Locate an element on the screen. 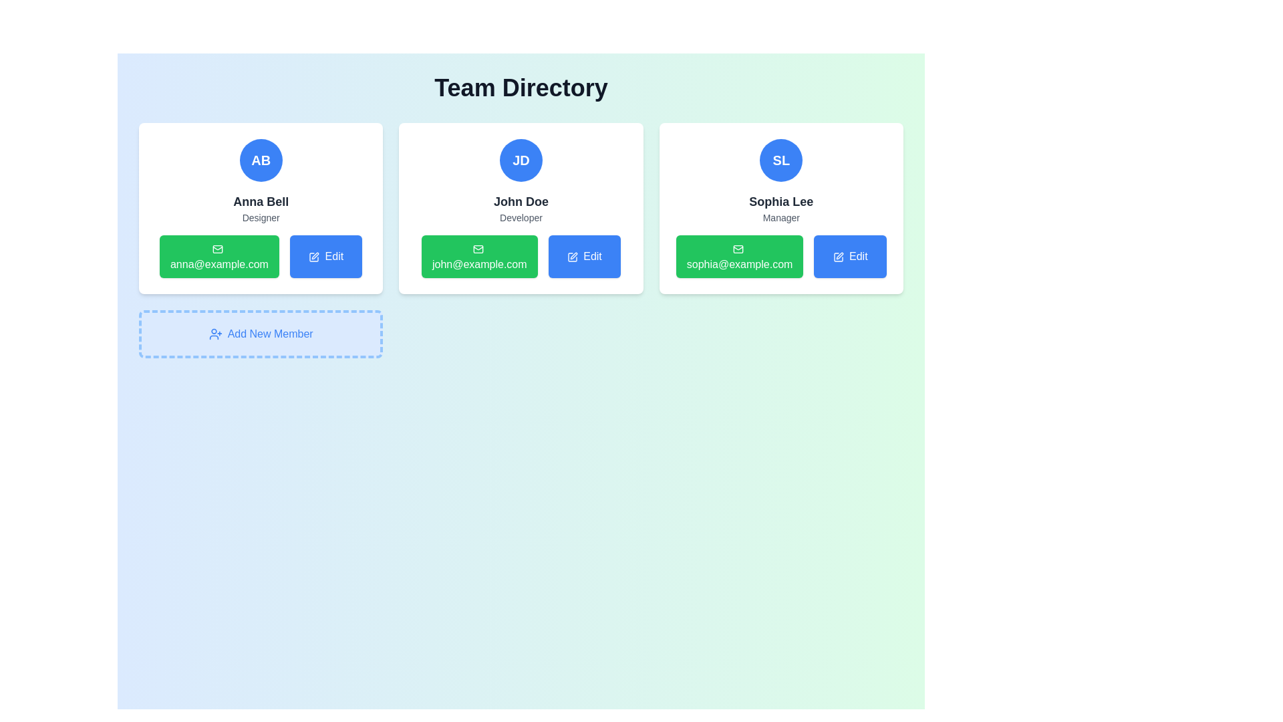 This screenshot has width=1283, height=722. the edit button located within the profile card for user 'Anna Bell', positioned to the right of the green button labeled 'anna@example.com' is located at coordinates (326, 257).